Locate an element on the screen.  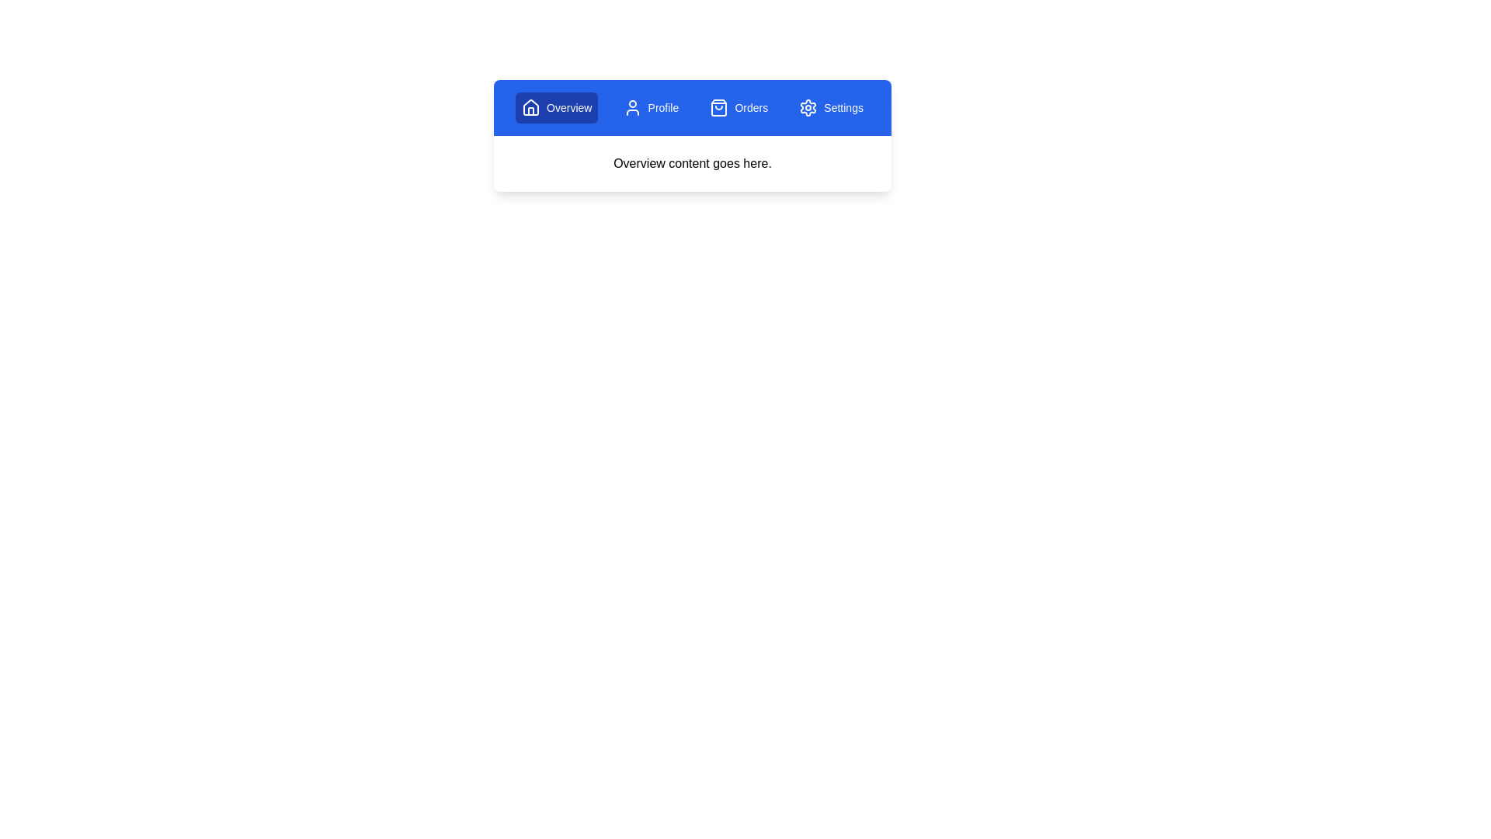
the house icon, which is a vector graphic with a trapezoidal base and triangular roof, located in the leftmost segment of the blue navigation bar next to the 'Overview' text is located at coordinates (531, 106).